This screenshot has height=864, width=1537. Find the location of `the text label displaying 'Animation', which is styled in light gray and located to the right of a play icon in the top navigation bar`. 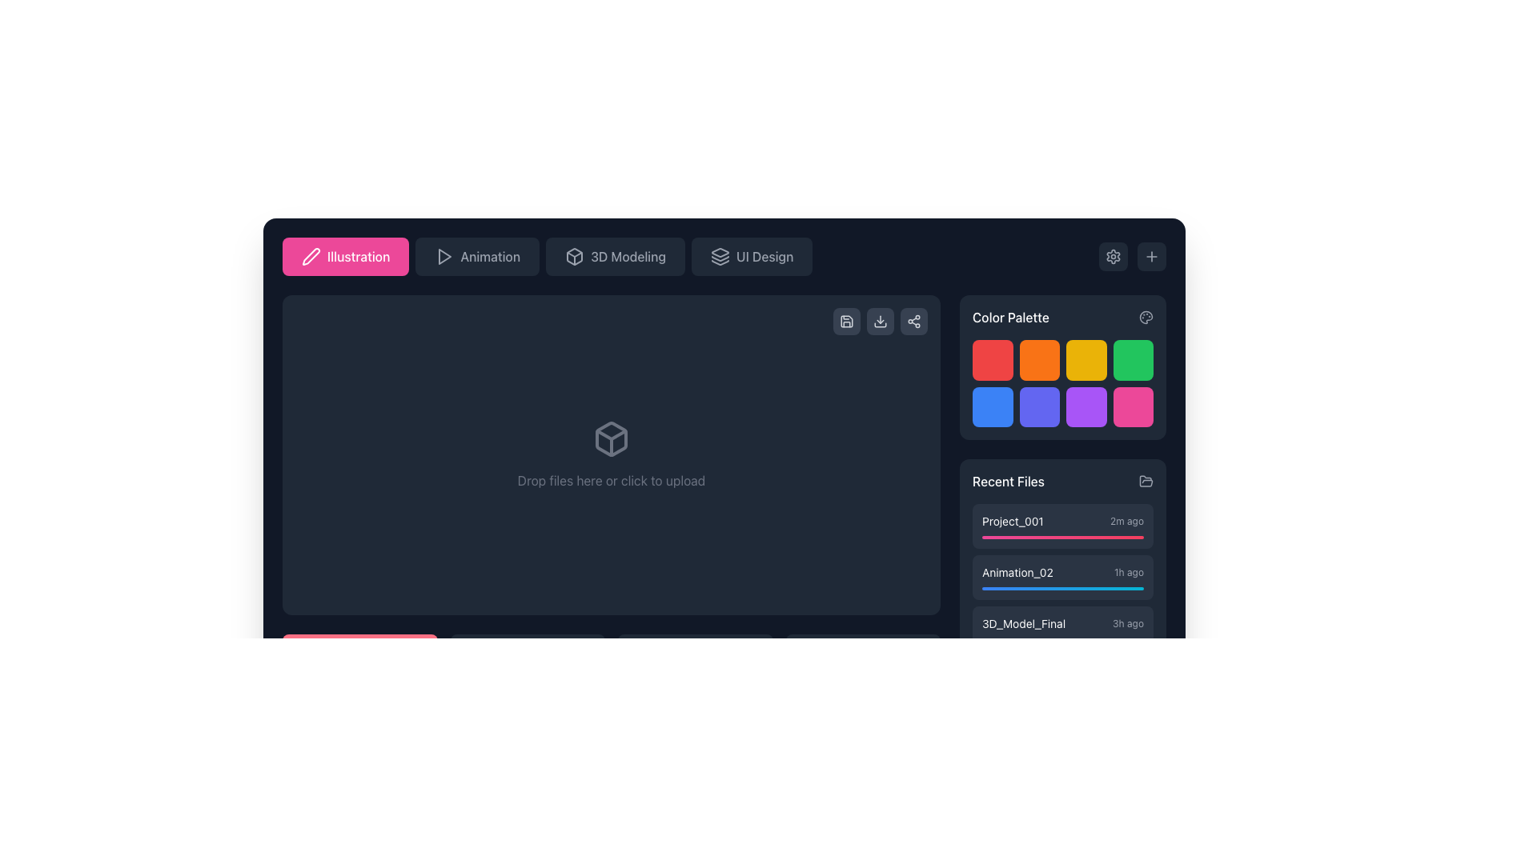

the text label displaying 'Animation', which is styled in light gray and located to the right of a play icon in the top navigation bar is located at coordinates (489, 255).